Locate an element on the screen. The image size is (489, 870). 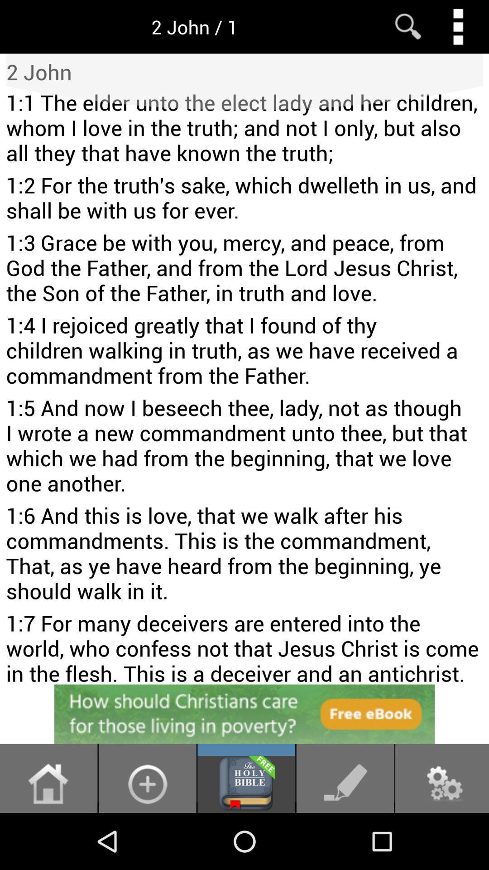
the search icon is located at coordinates (408, 29).